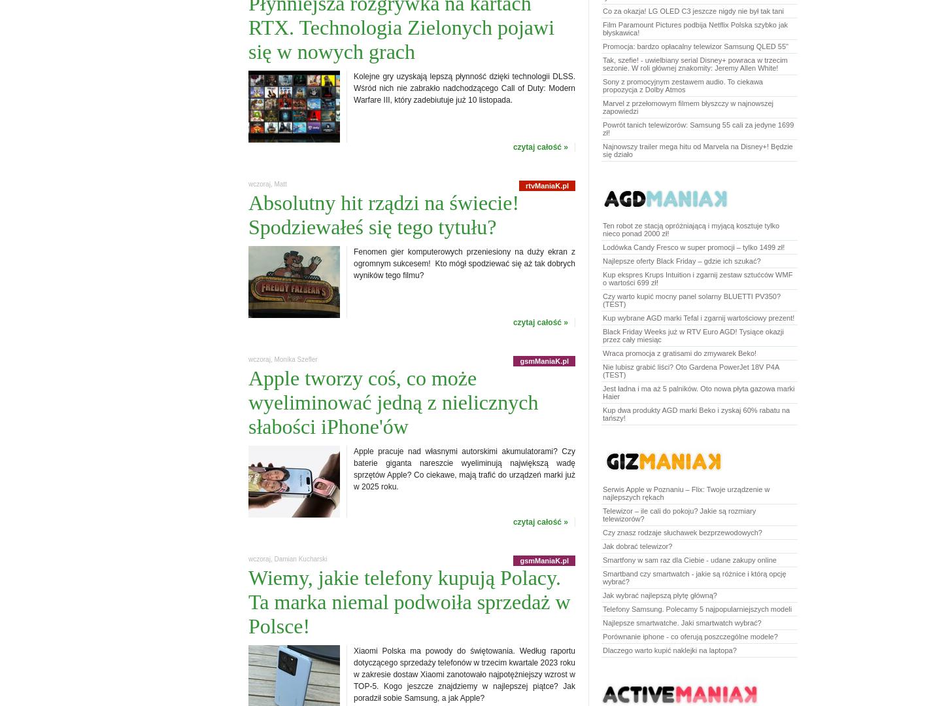 Image resolution: width=948 pixels, height=706 pixels. Describe the element at coordinates (602, 246) in the screenshot. I see `'Lodówka Candy Fresco w super promocji – tylko 1499 zł!'` at that location.